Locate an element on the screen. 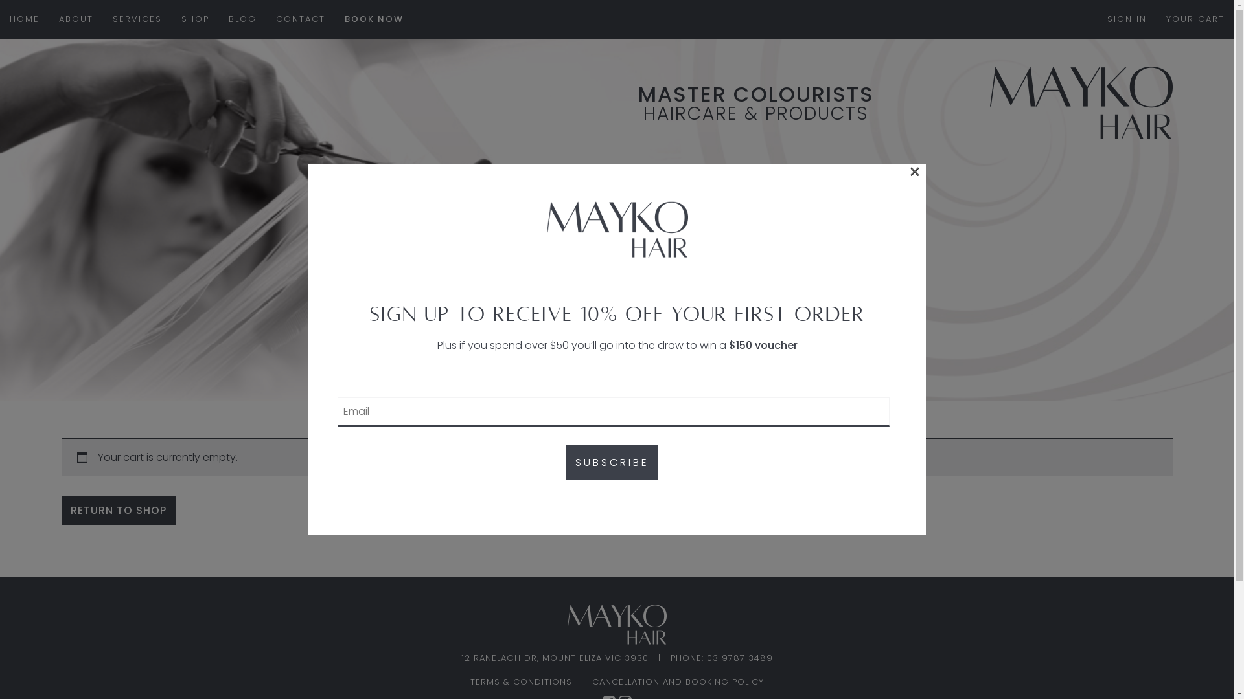  'ABOUT' is located at coordinates (75, 19).